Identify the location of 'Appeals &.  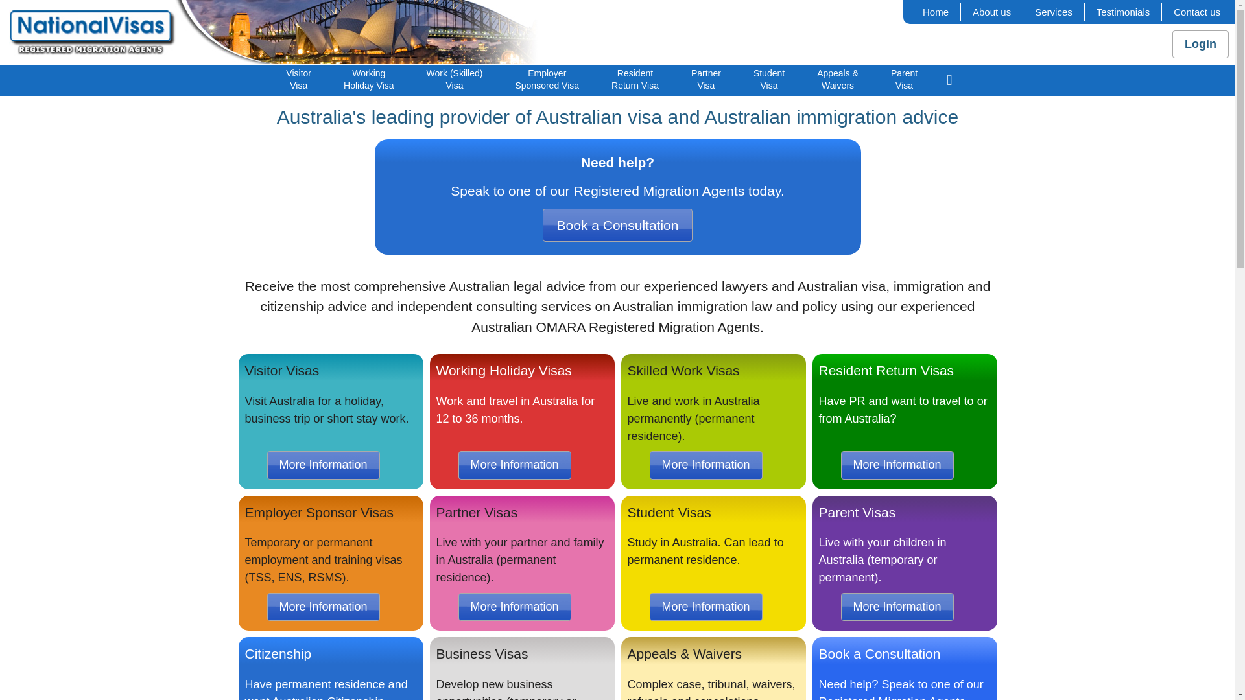
(837, 80).